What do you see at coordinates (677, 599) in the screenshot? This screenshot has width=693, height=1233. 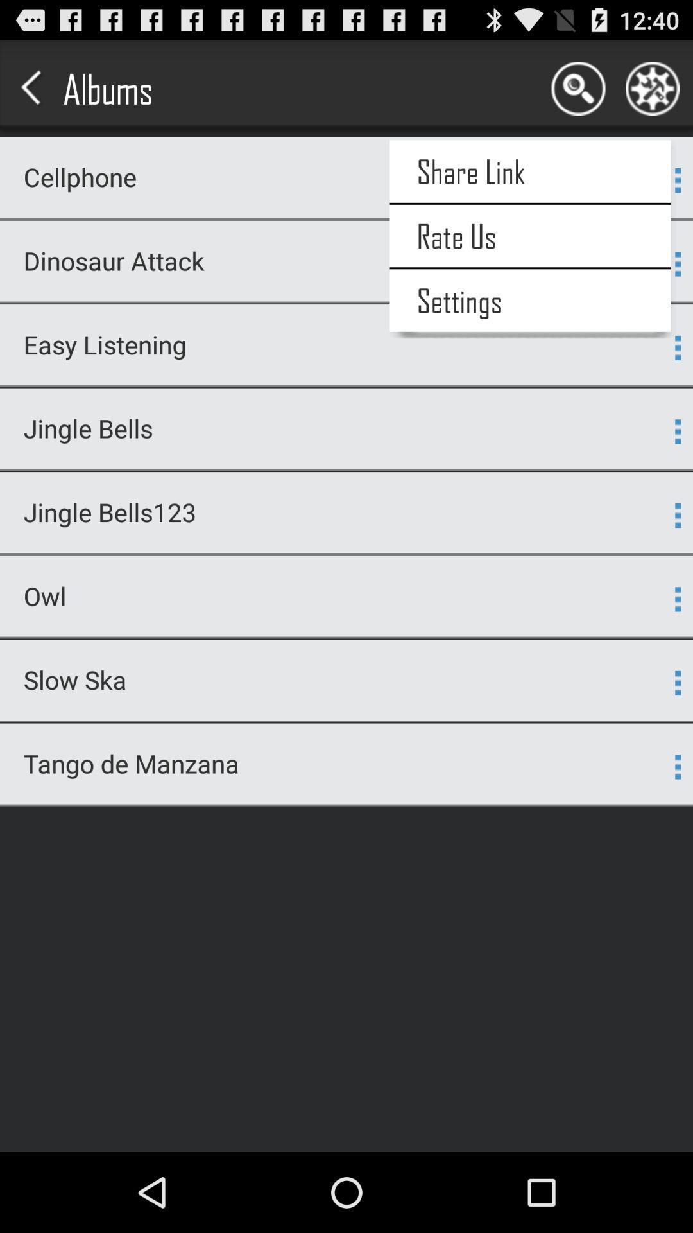 I see `the third menu button from bottom` at bounding box center [677, 599].